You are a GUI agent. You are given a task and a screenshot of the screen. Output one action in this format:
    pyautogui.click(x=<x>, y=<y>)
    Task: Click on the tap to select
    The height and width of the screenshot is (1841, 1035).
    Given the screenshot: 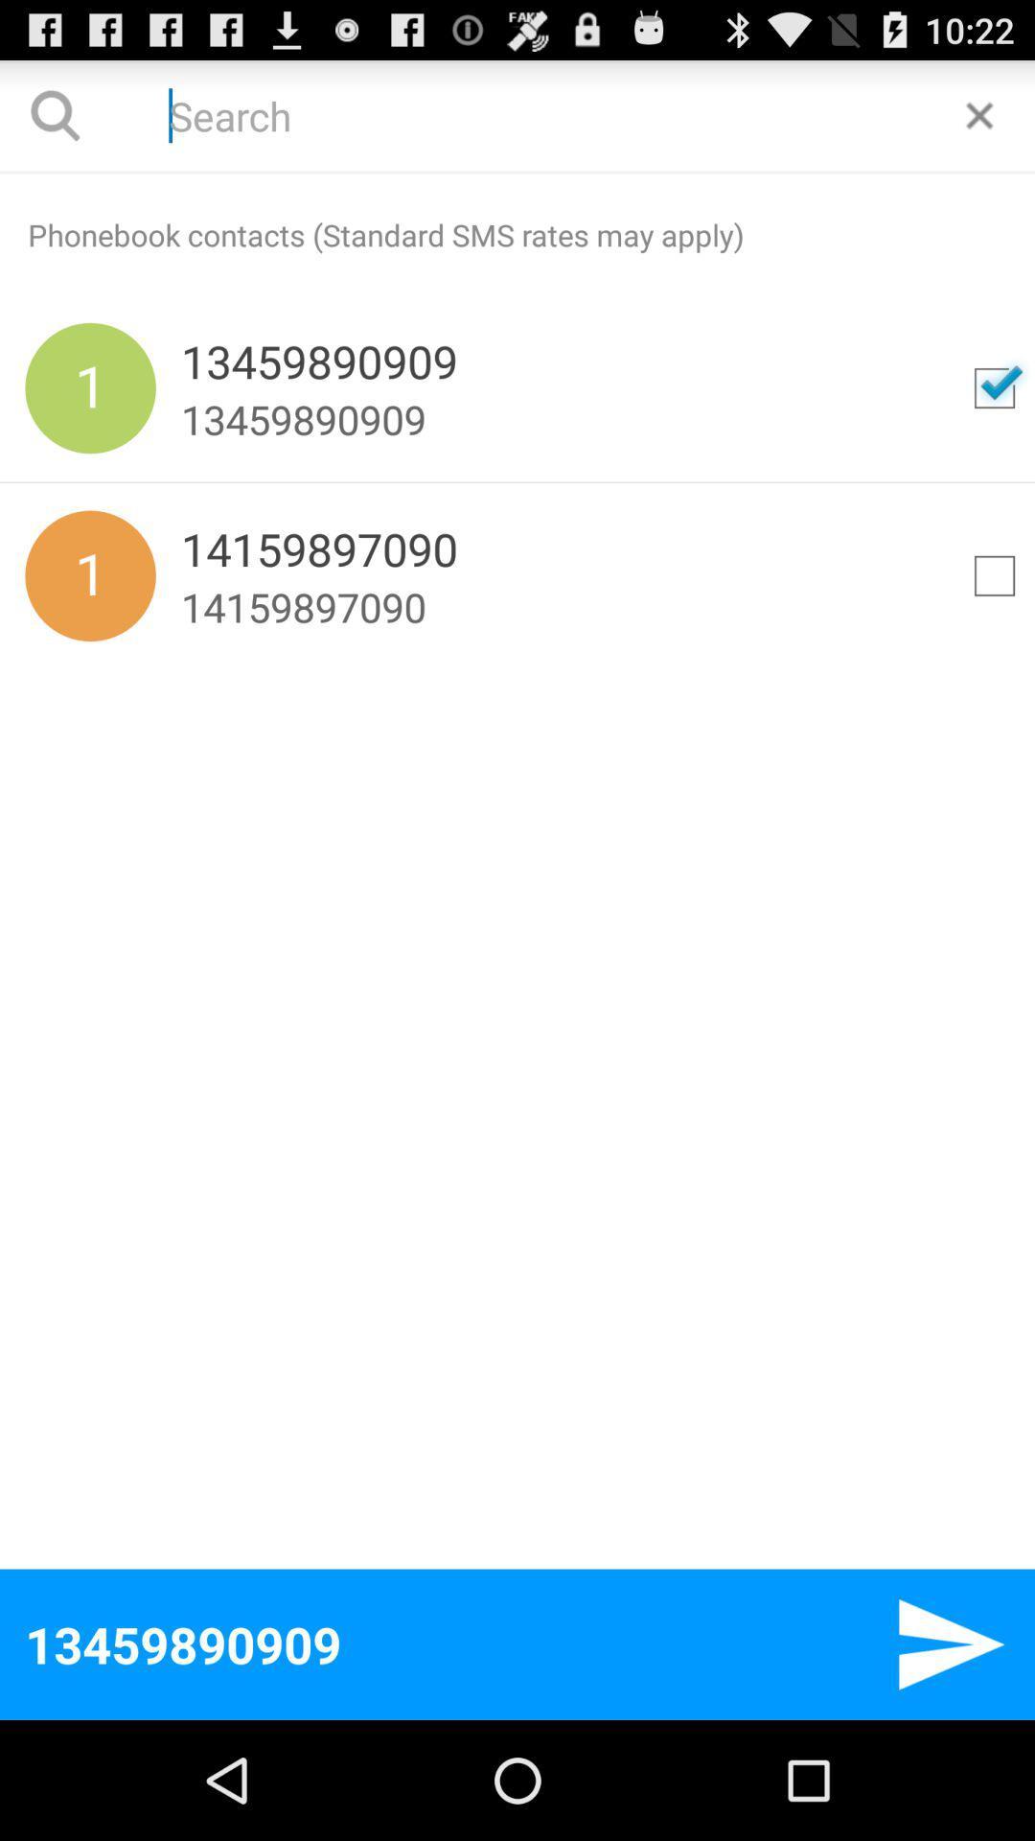 What is the action you would take?
    pyautogui.click(x=993, y=574)
    